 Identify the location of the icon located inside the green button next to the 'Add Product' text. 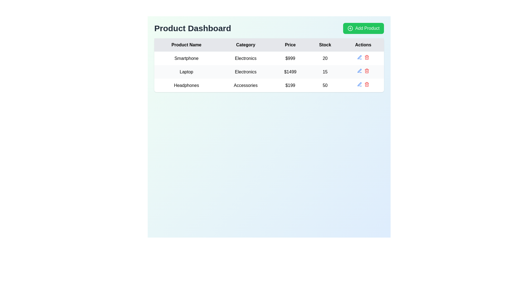
(350, 28).